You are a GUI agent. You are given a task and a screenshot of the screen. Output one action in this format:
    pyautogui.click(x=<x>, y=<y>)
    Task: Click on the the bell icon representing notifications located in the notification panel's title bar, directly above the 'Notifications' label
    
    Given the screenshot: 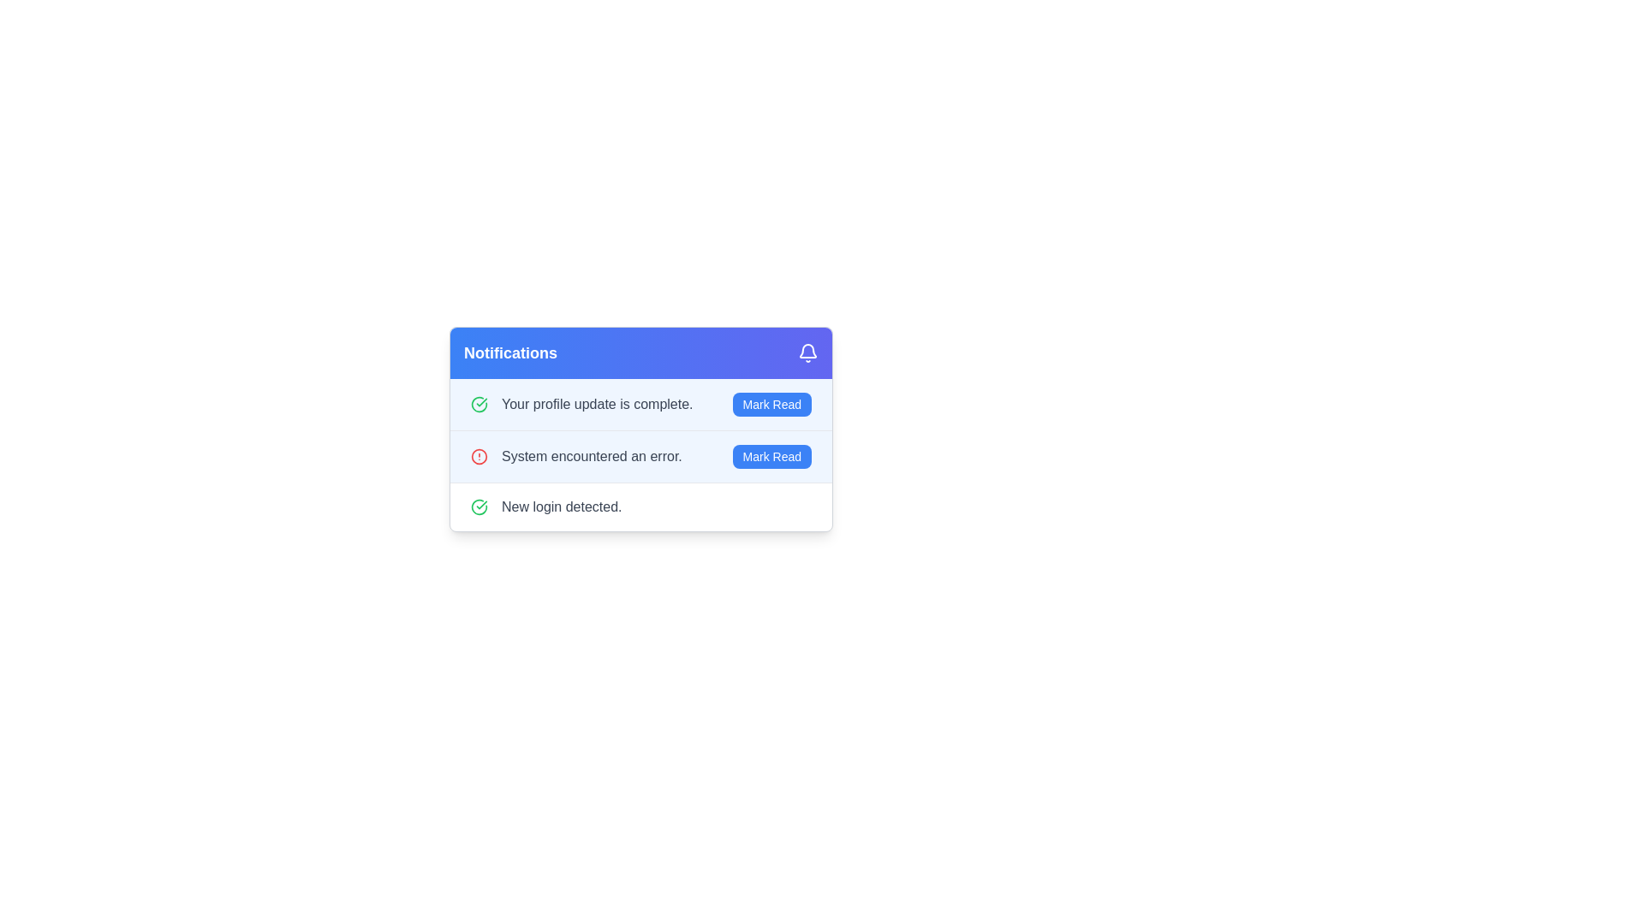 What is the action you would take?
    pyautogui.click(x=807, y=350)
    